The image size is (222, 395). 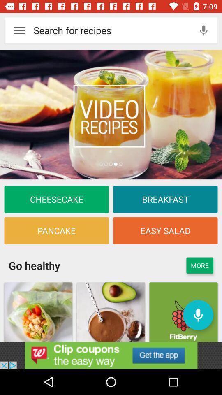 I want to click on the microphone icon, so click(x=203, y=30).